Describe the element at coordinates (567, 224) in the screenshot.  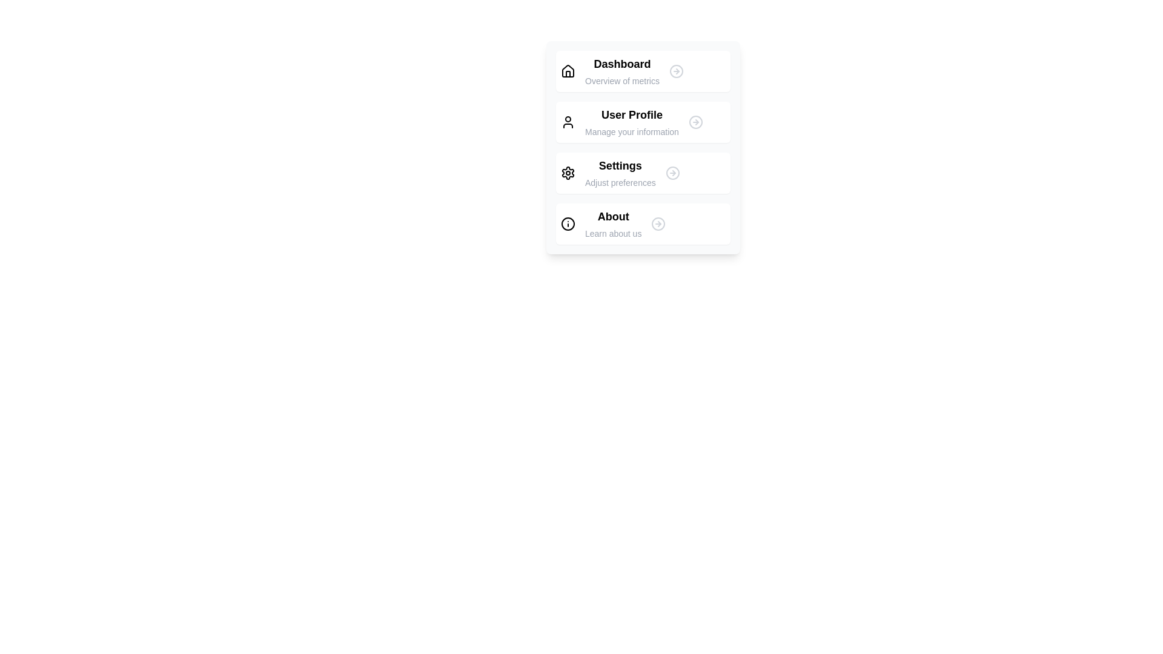
I see `the SVG circle graphic with a black outline located within the informational icon next to the 'About' button in the bottom section of the vertical menu` at that location.